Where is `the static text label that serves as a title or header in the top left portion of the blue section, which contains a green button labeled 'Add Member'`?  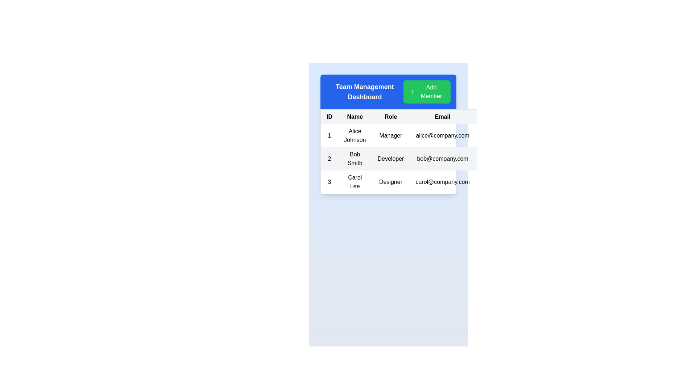 the static text label that serves as a title or header in the top left portion of the blue section, which contains a green button labeled 'Add Member' is located at coordinates (365, 92).